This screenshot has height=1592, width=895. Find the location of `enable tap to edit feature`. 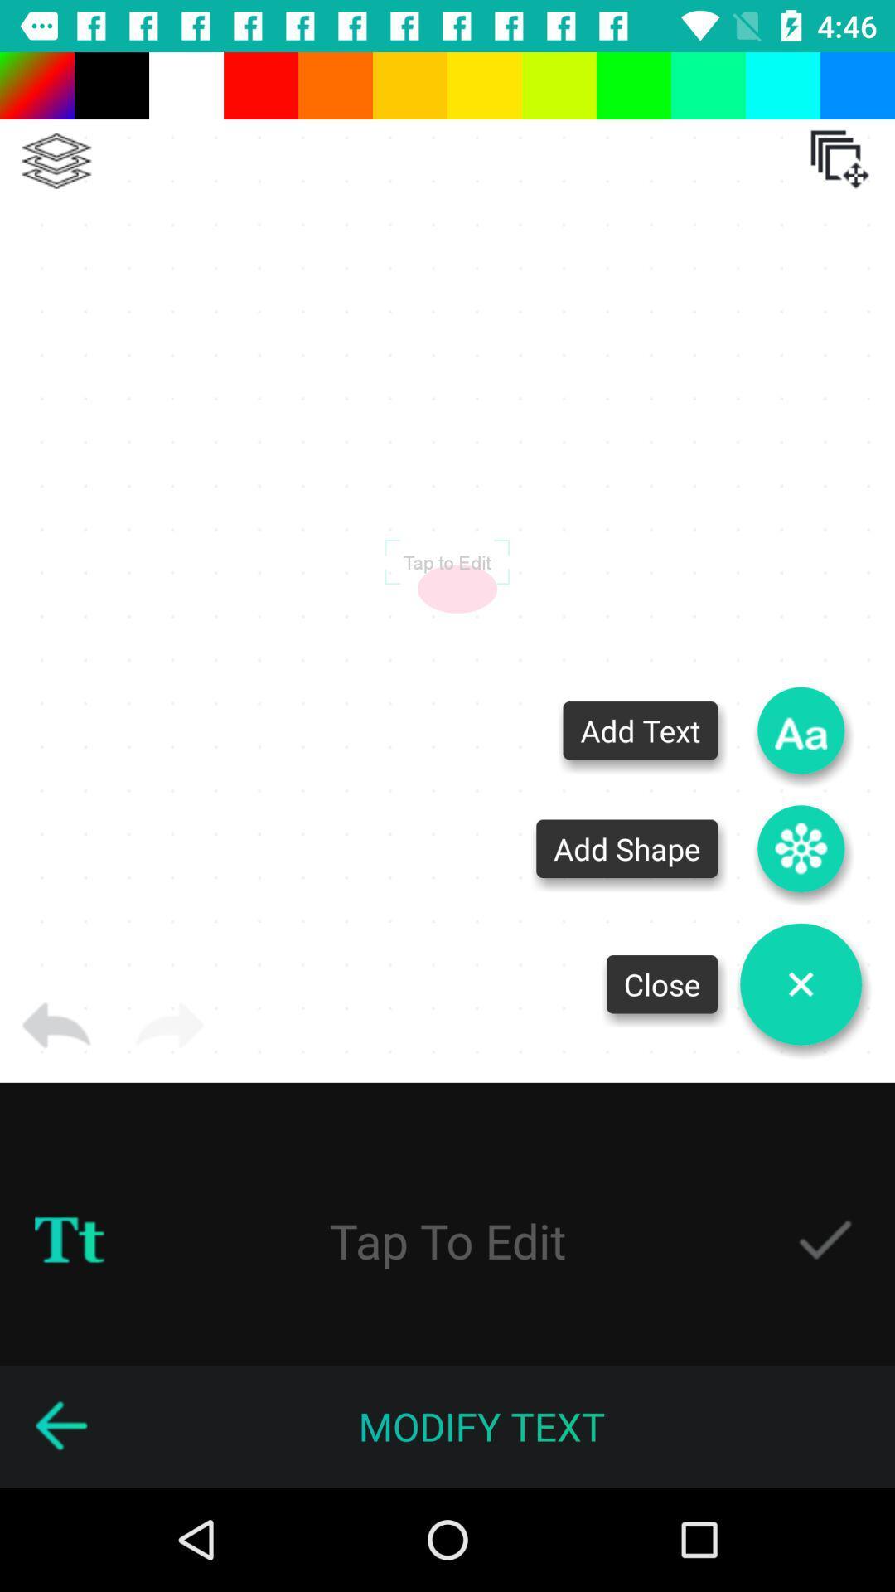

enable tap to edit feature is located at coordinates (825, 1240).